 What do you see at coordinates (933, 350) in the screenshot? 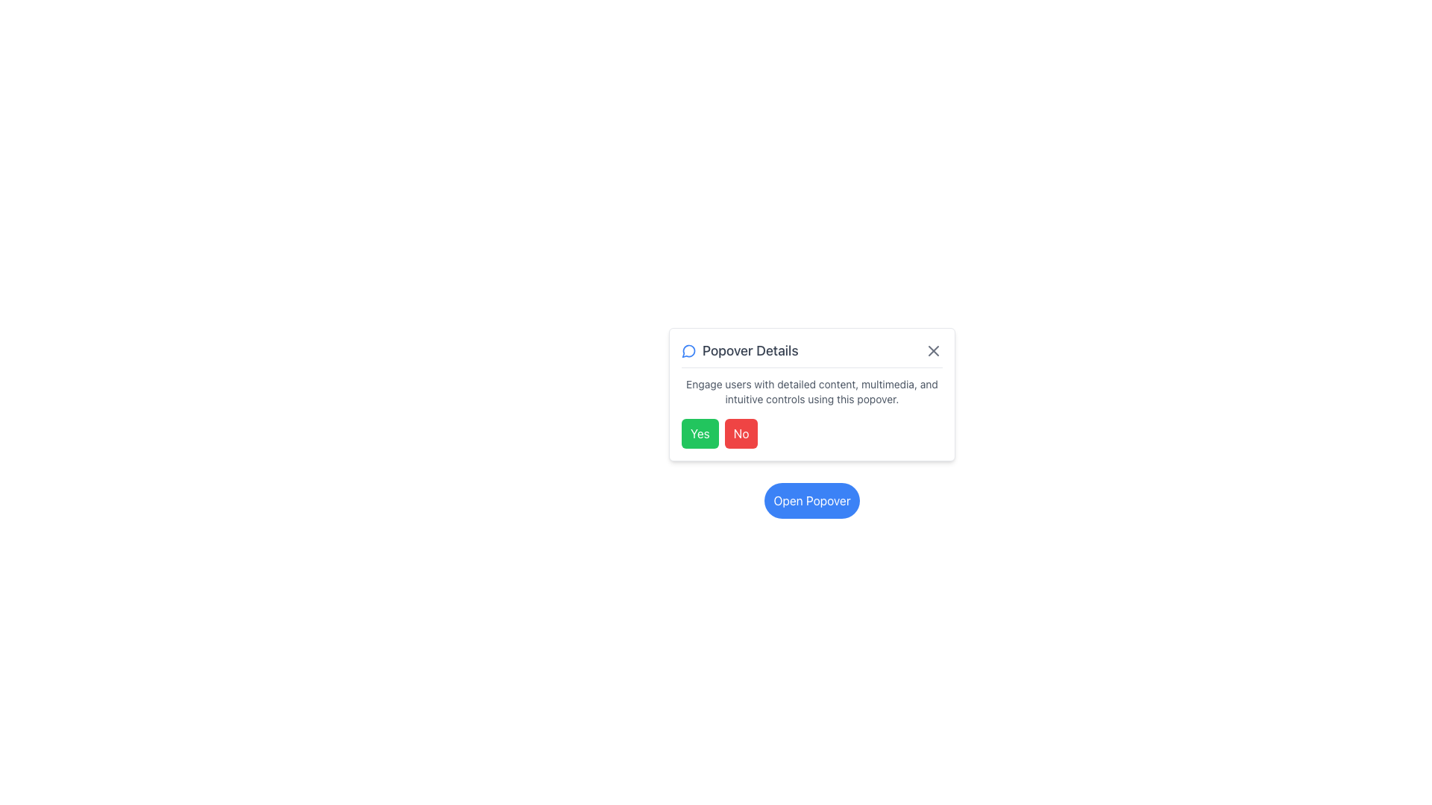
I see `the 'X' icon in the top-right corner of the popover component` at bounding box center [933, 350].